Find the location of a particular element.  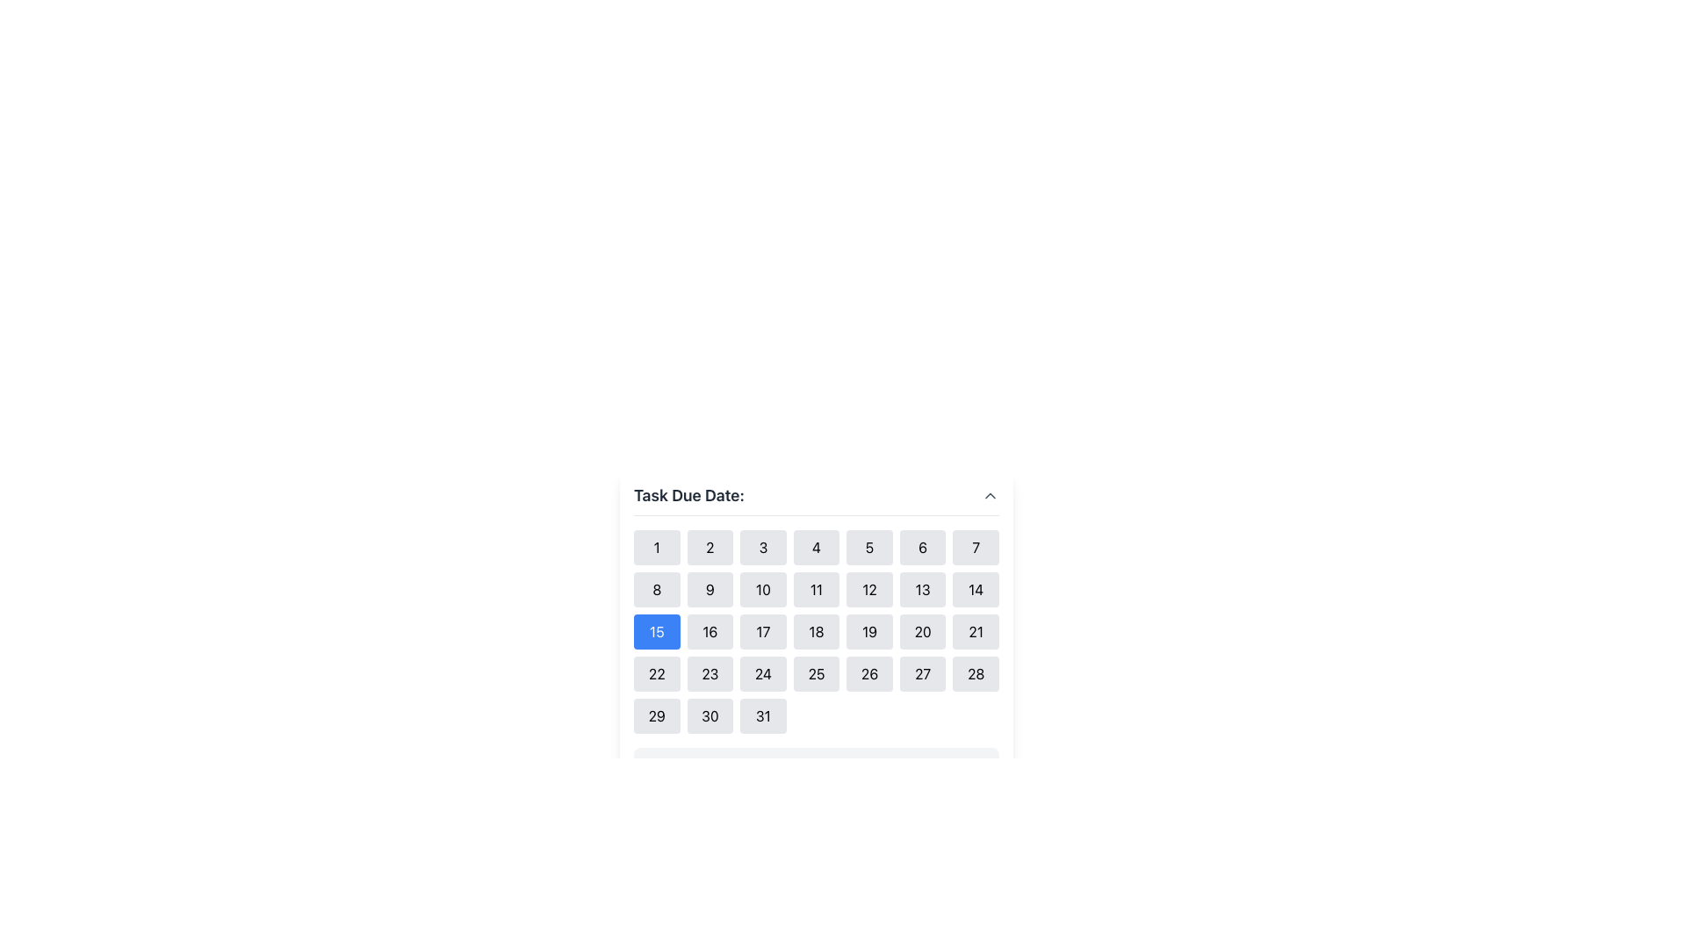

the button representing the 11th day of the month in the calendar interface is located at coordinates (816, 589).